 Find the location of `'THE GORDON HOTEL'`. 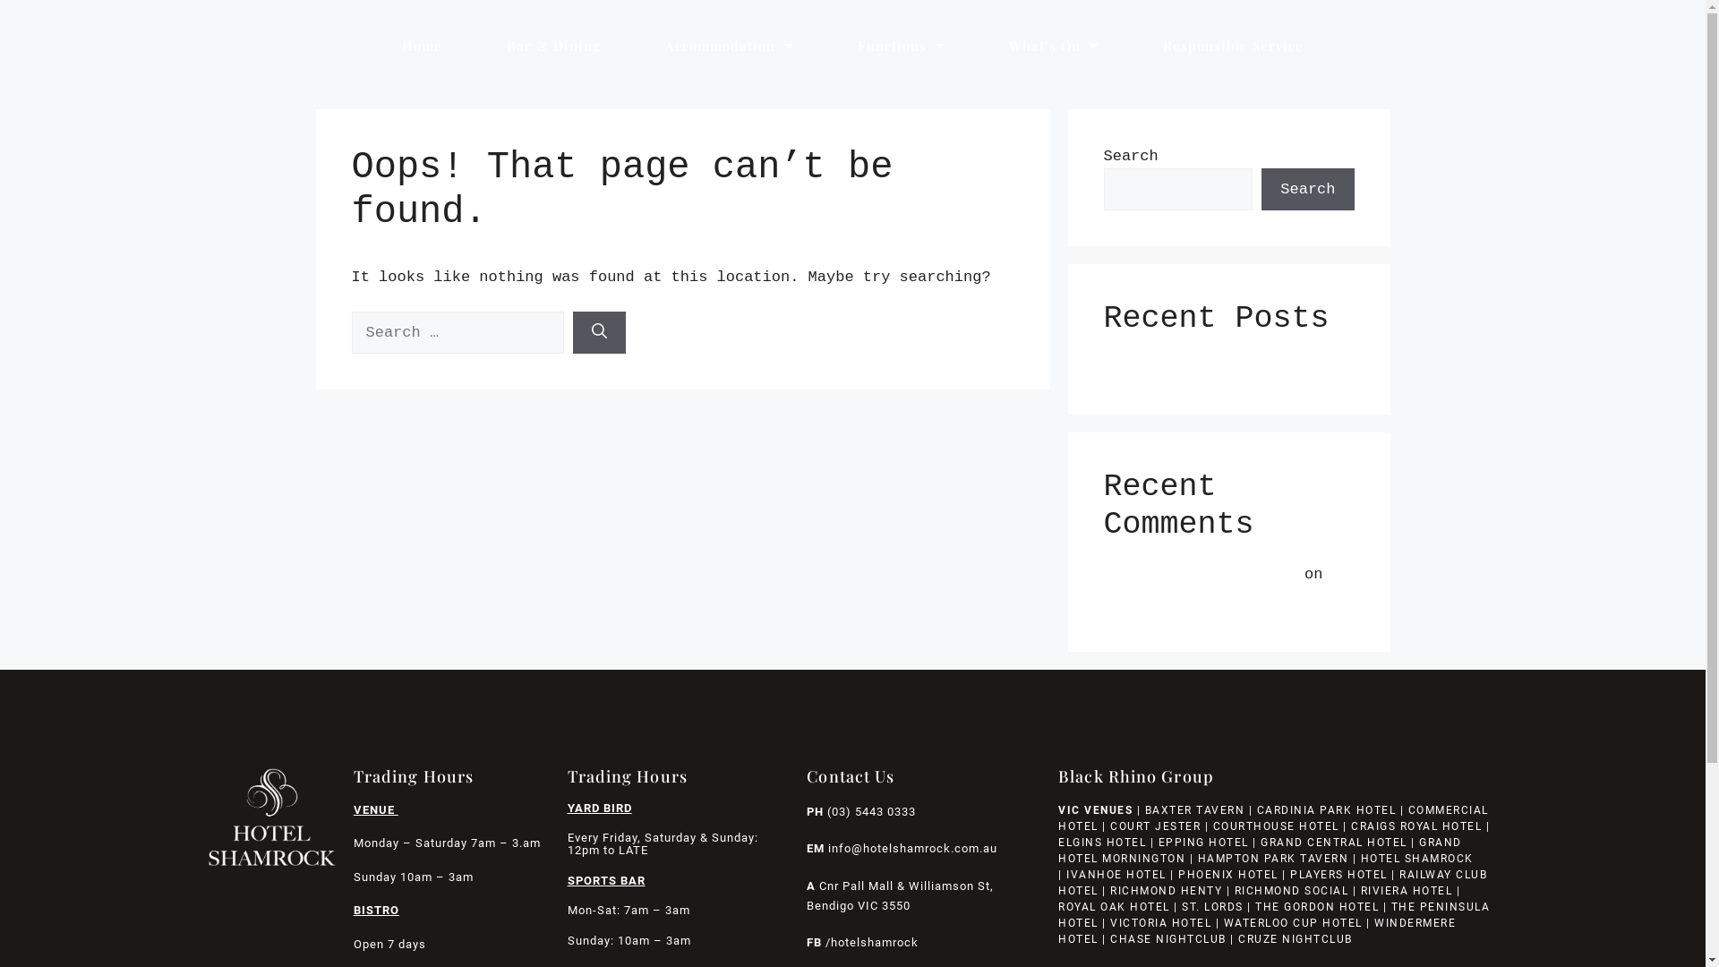

'THE GORDON HOTEL' is located at coordinates (1316, 907).